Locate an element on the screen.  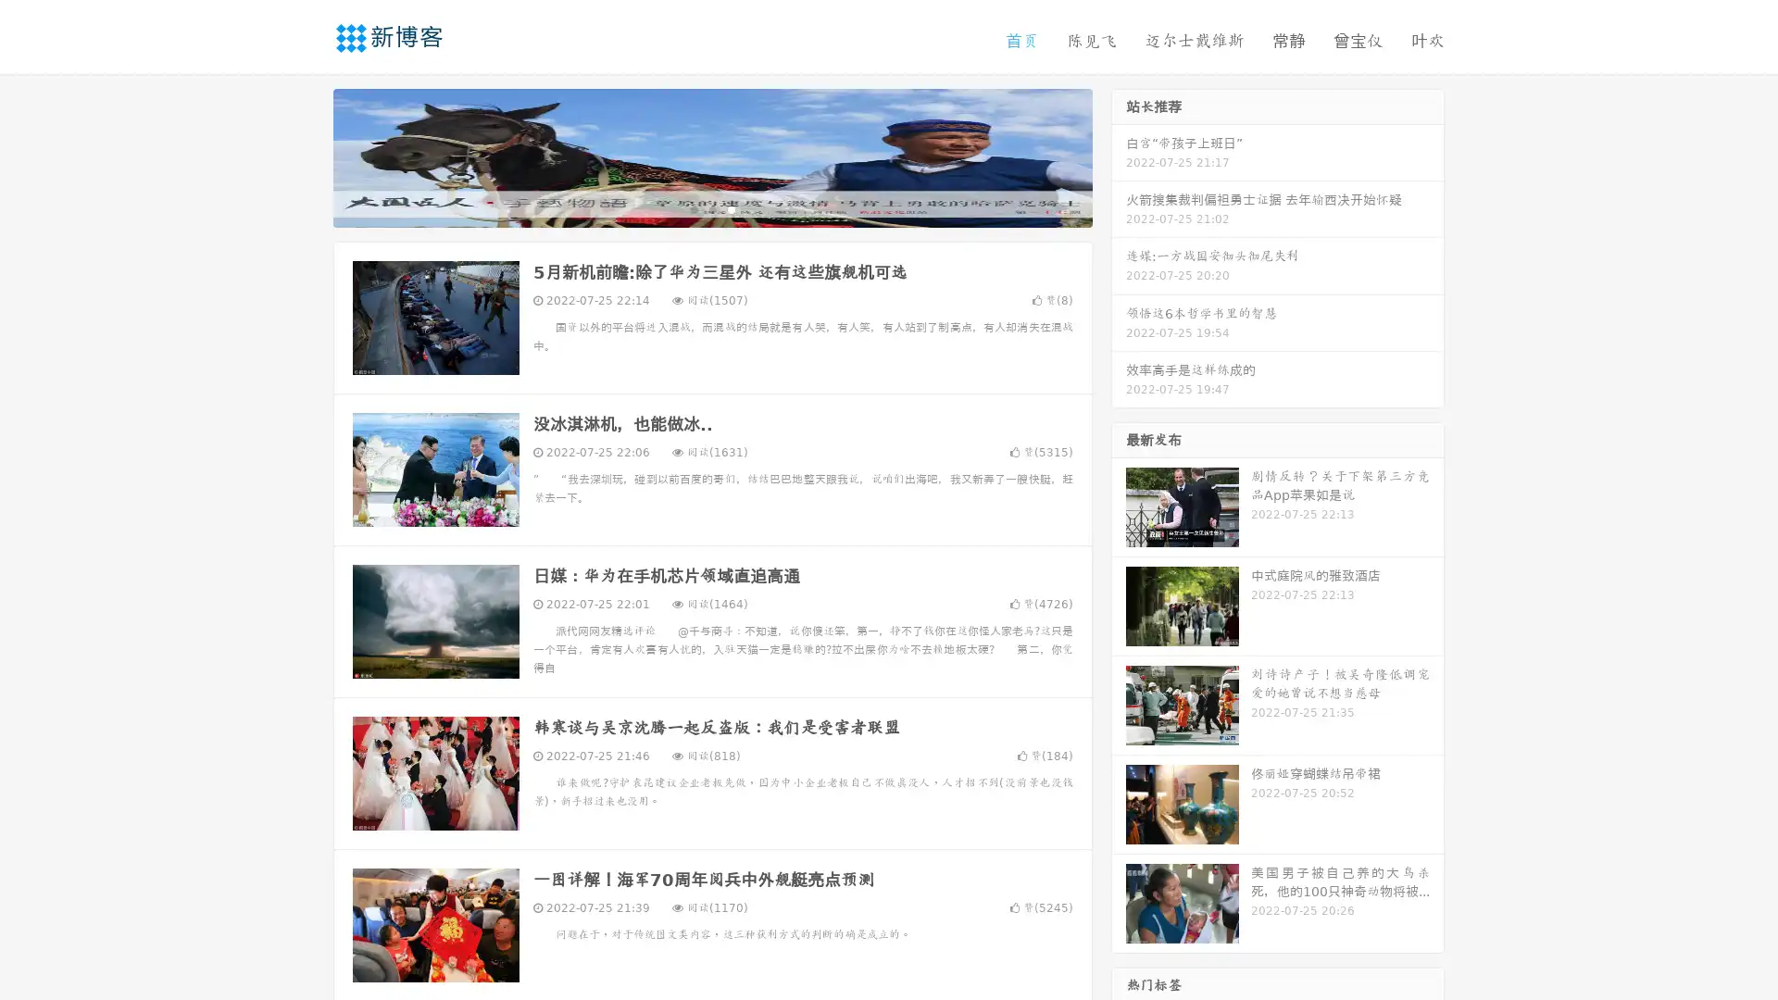
Go to slide 1 is located at coordinates (693, 208).